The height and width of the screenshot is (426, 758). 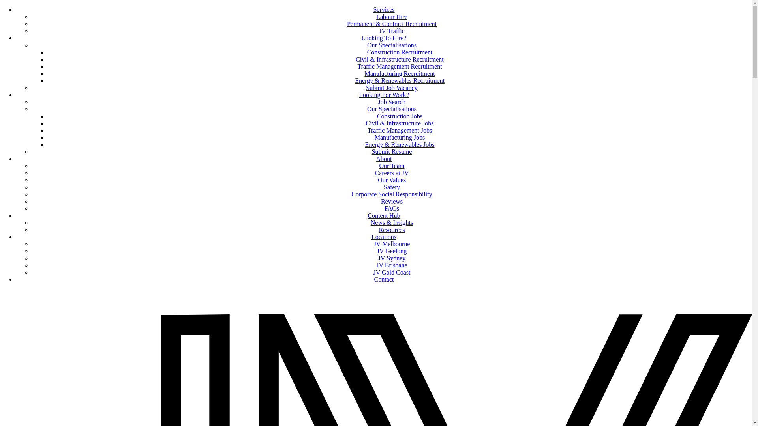 I want to click on 'Careers at JV', so click(x=392, y=172).